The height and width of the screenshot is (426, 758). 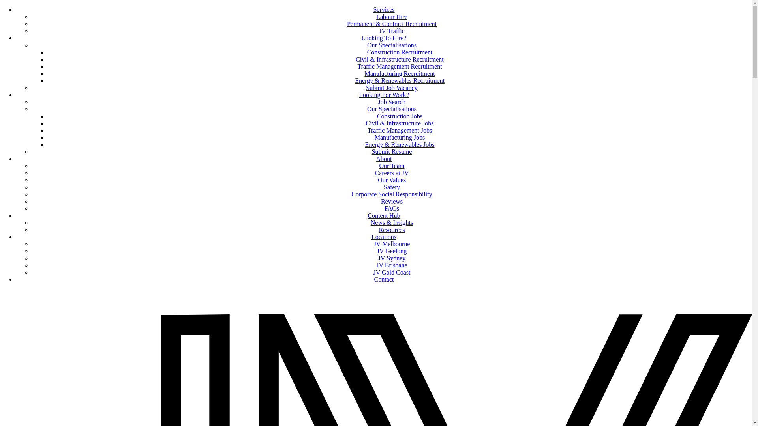 I want to click on 'Careers at JV', so click(x=392, y=172).